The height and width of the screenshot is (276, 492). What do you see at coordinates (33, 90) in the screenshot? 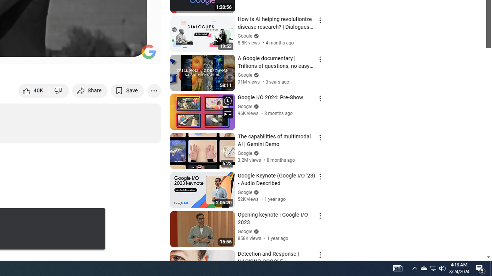
I see `'like this video along with 40,865 other people'` at bounding box center [33, 90].